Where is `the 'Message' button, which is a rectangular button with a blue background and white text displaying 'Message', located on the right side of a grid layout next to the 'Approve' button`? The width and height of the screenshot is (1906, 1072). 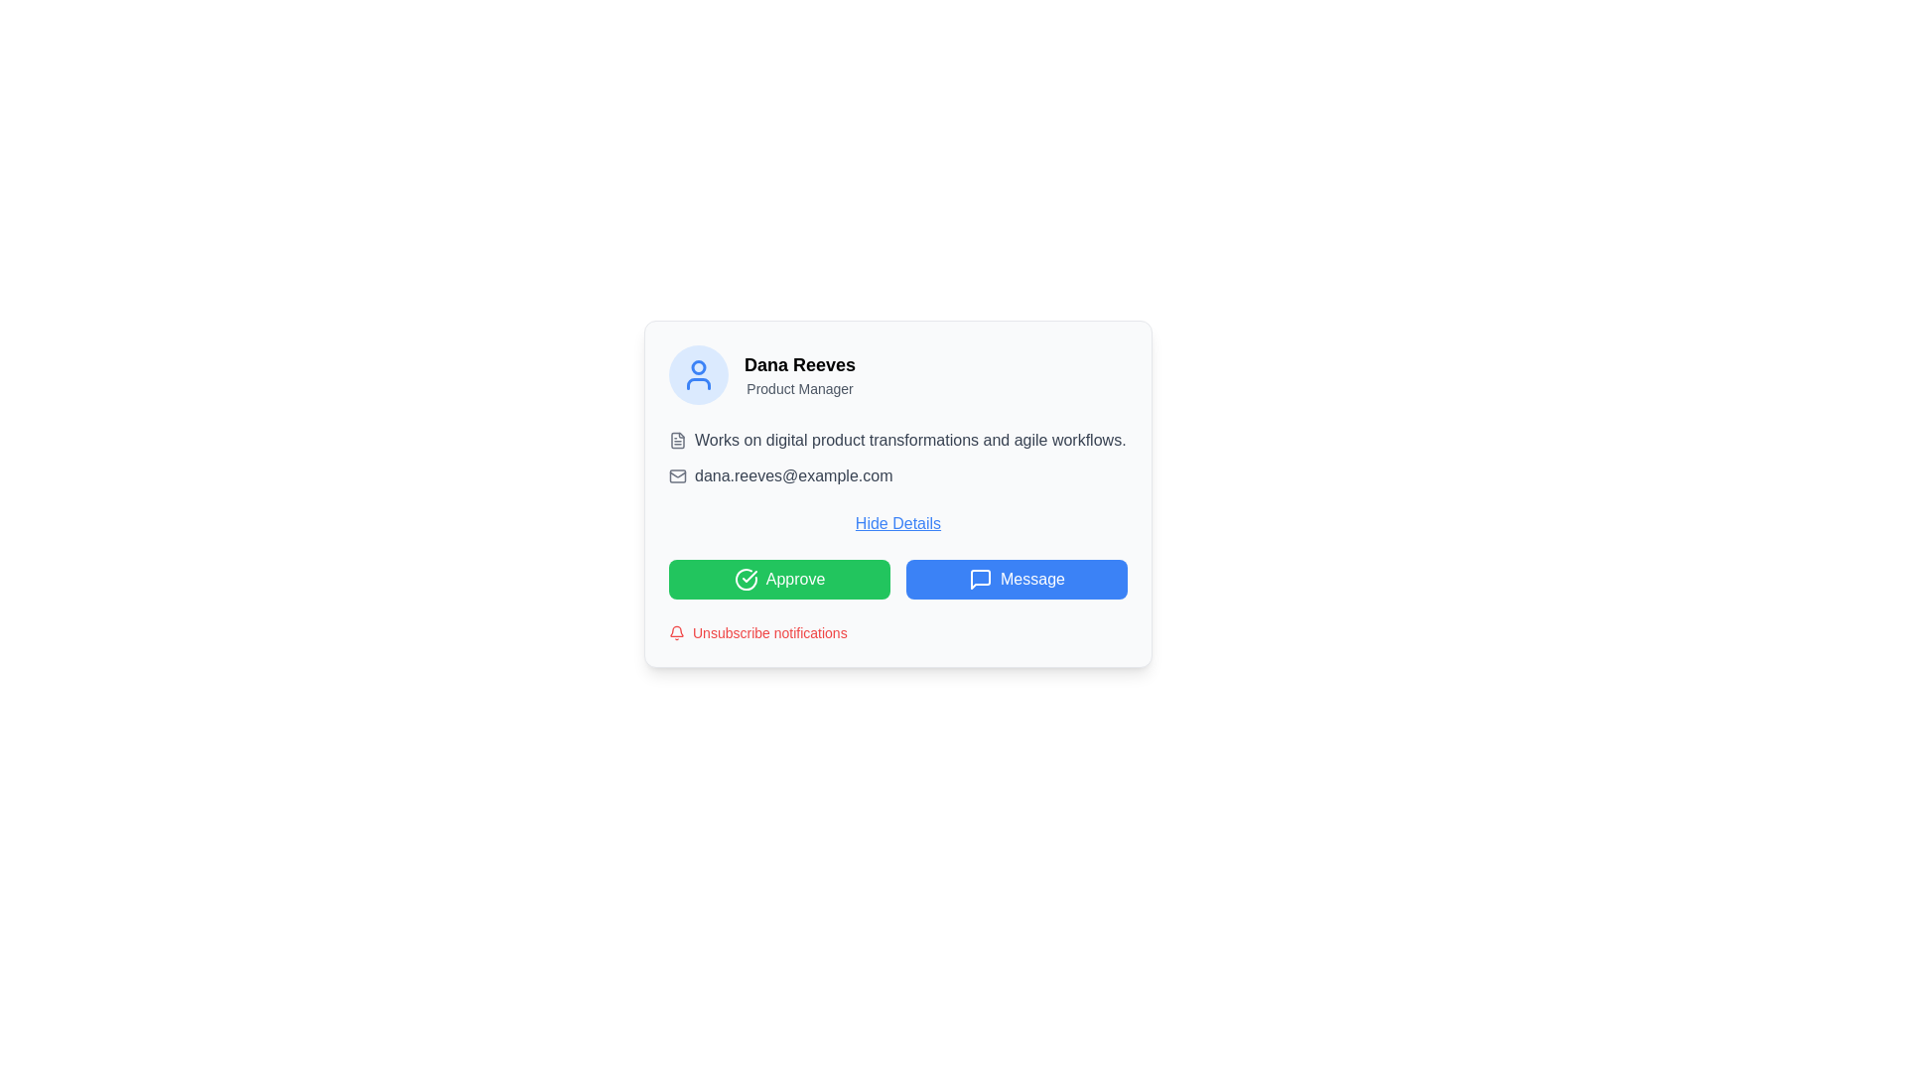
the 'Message' button, which is a rectangular button with a blue background and white text displaying 'Message', located on the right side of a grid layout next to the 'Approve' button is located at coordinates (1017, 579).